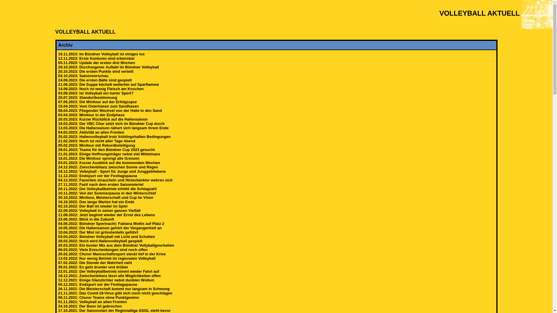  I want to click on '03.09.2023: Ist Volleyball ein harter Sport?', so click(96, 93).